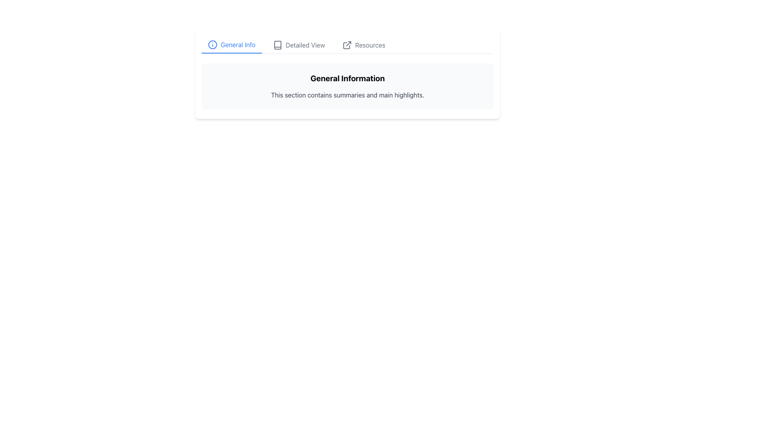  Describe the element at coordinates (231, 45) in the screenshot. I see `the first tab button in the navigation row` at that location.